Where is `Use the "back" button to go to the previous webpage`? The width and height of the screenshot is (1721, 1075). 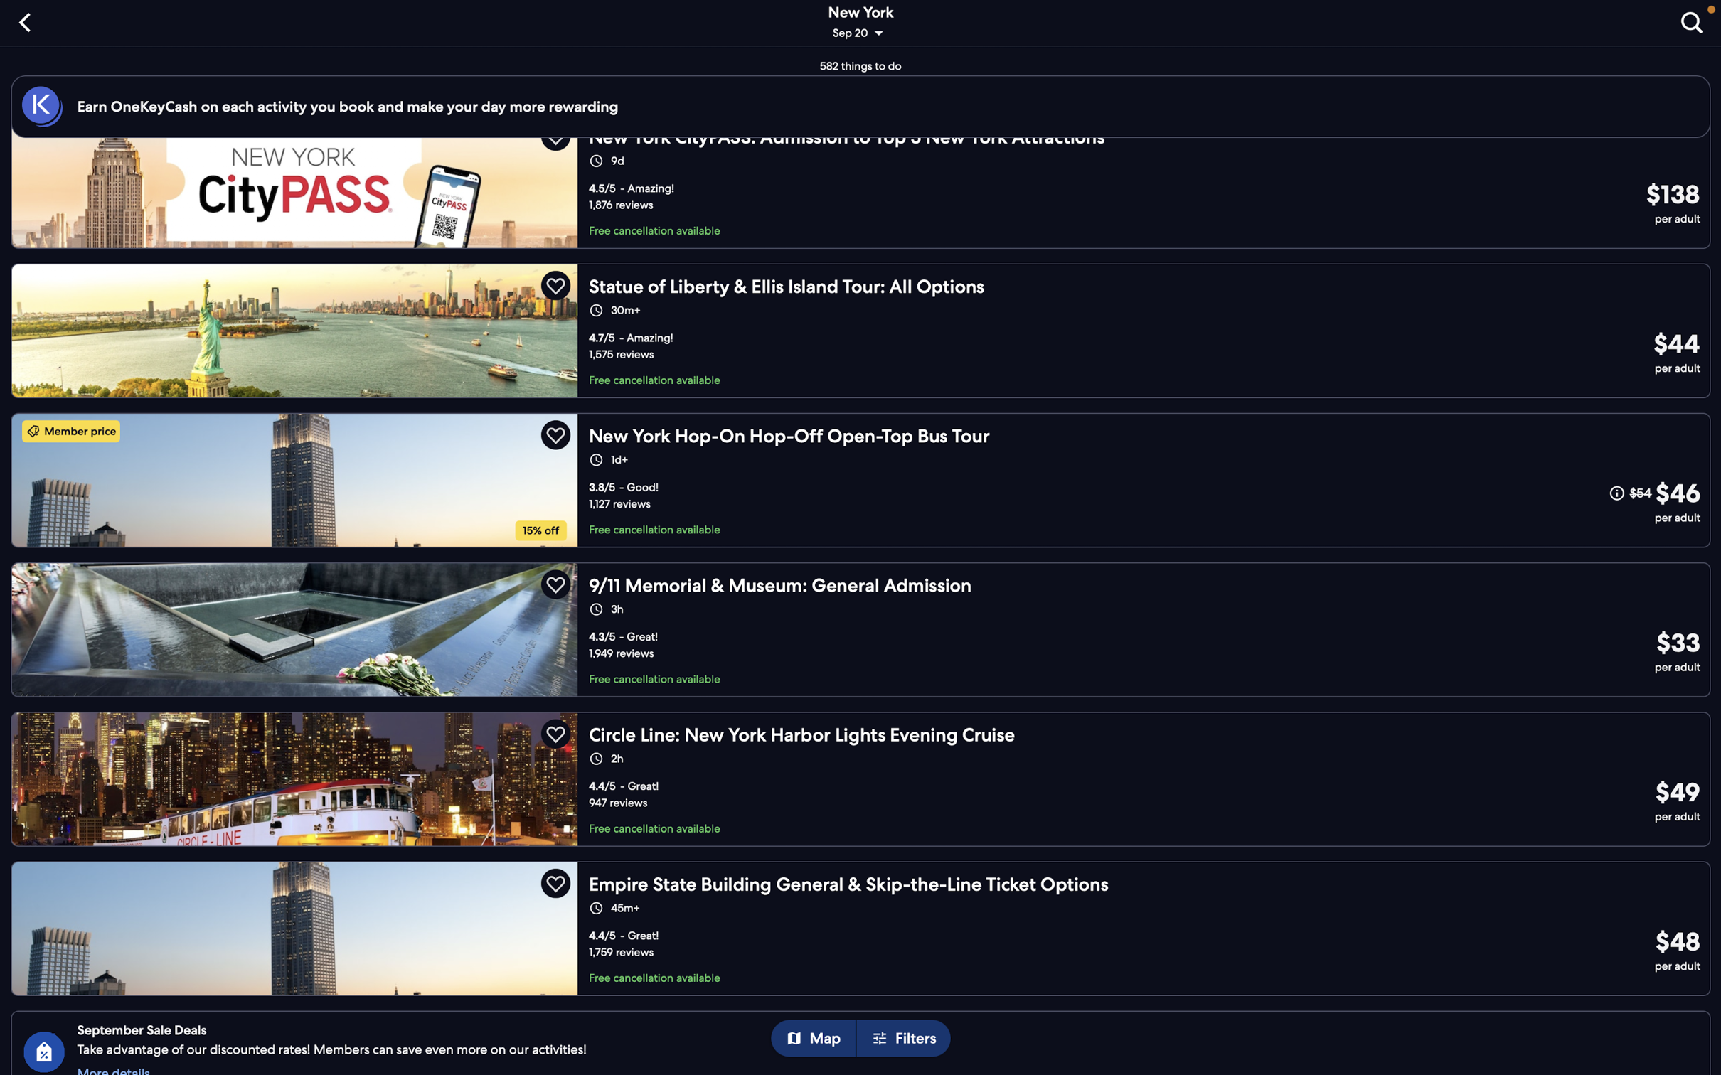 Use the "back" button to go to the previous webpage is located at coordinates (28, 21).